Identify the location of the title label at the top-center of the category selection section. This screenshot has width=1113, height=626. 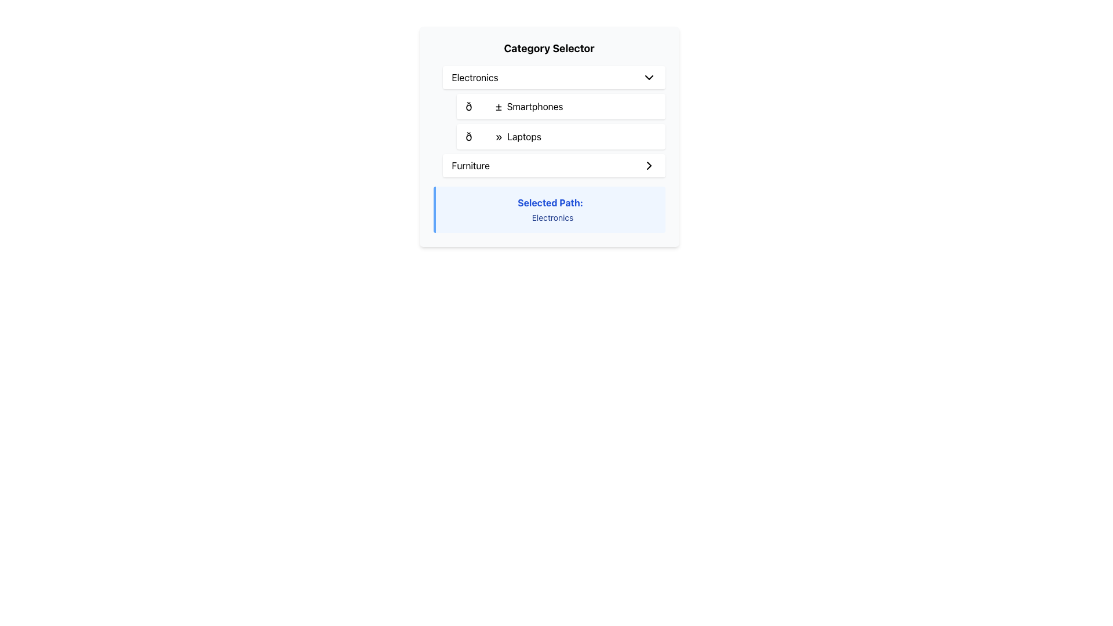
(548, 48).